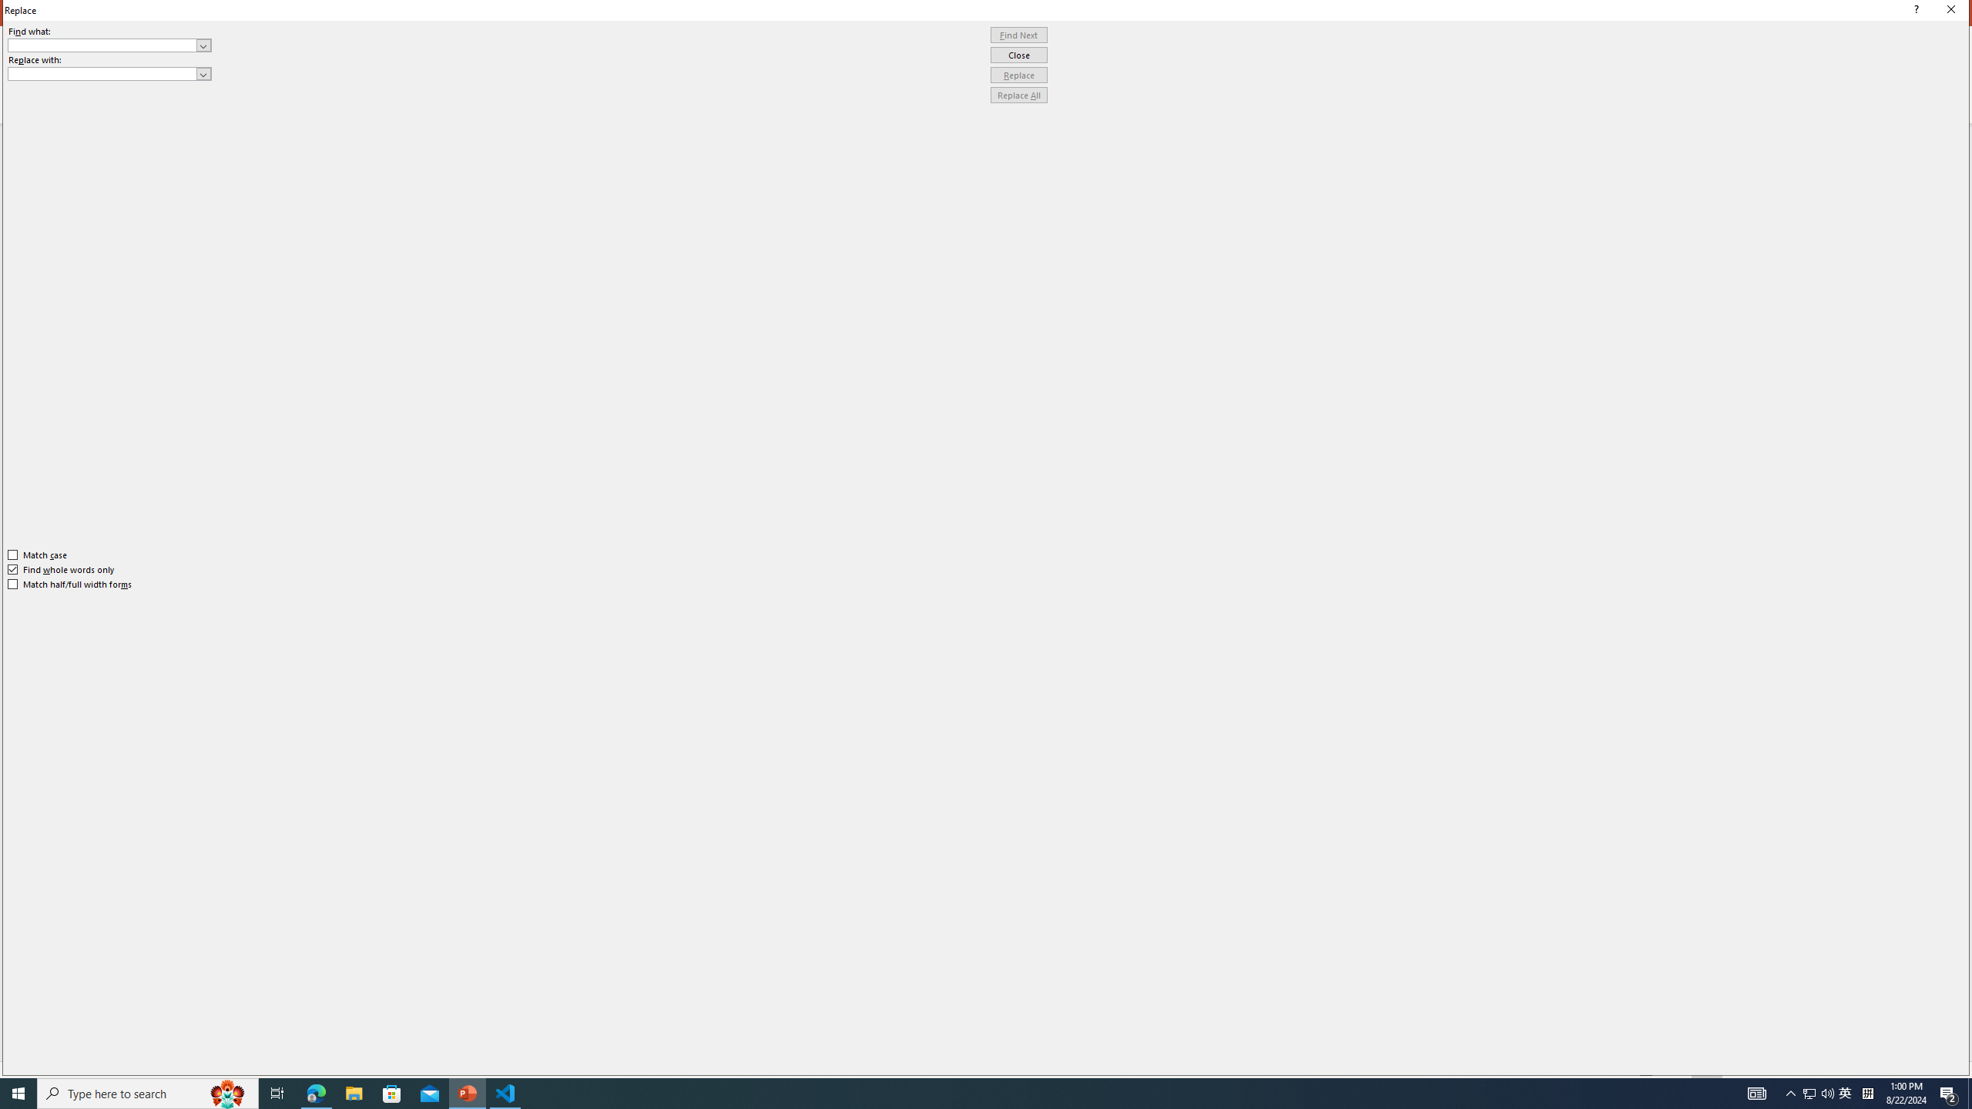 Image resolution: width=1972 pixels, height=1109 pixels. I want to click on 'Replace All', so click(1018, 94).